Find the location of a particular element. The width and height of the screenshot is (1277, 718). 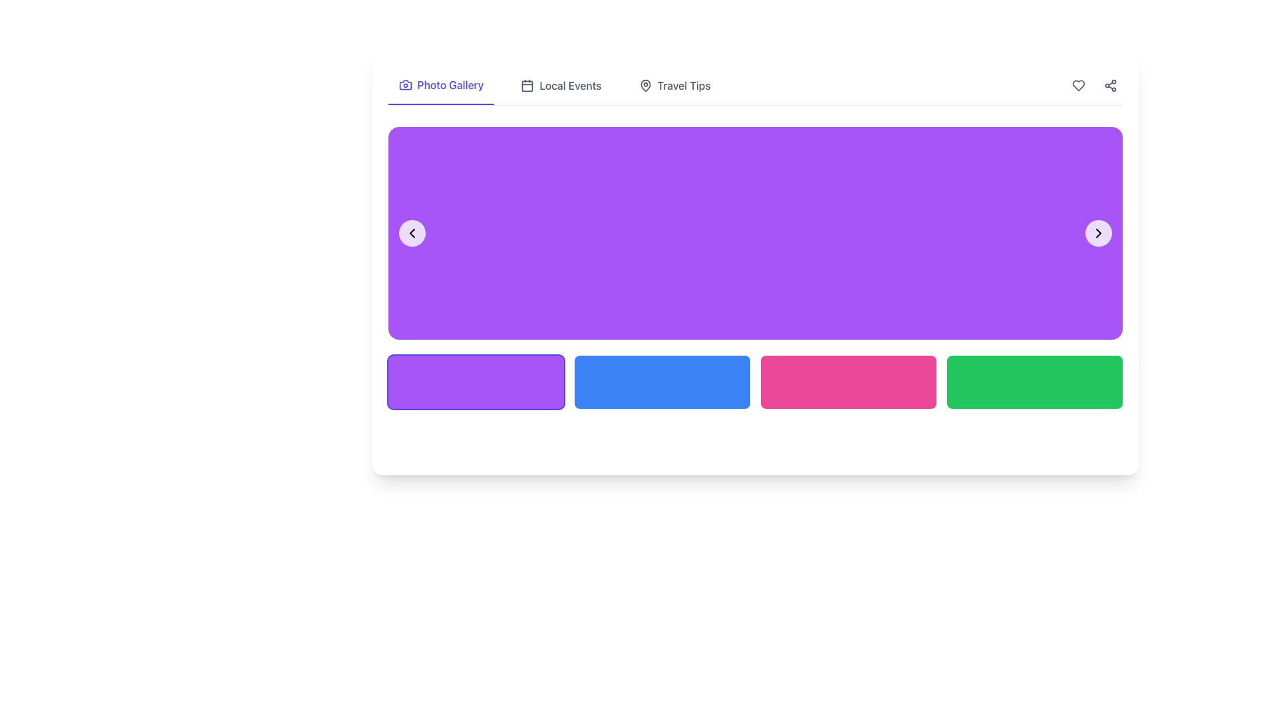

the circular button with a white semi-transparent background and a right-pointing chevron icon inside is located at coordinates (1098, 233).